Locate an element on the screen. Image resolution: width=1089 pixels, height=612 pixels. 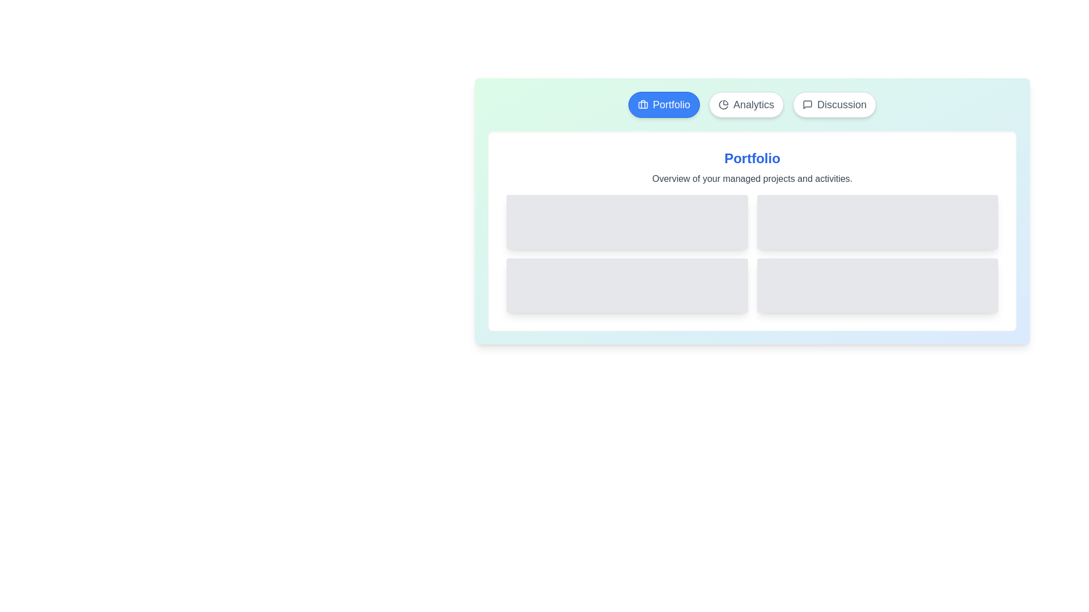
the Analytics tab by clicking on its button is located at coordinates (746, 105).